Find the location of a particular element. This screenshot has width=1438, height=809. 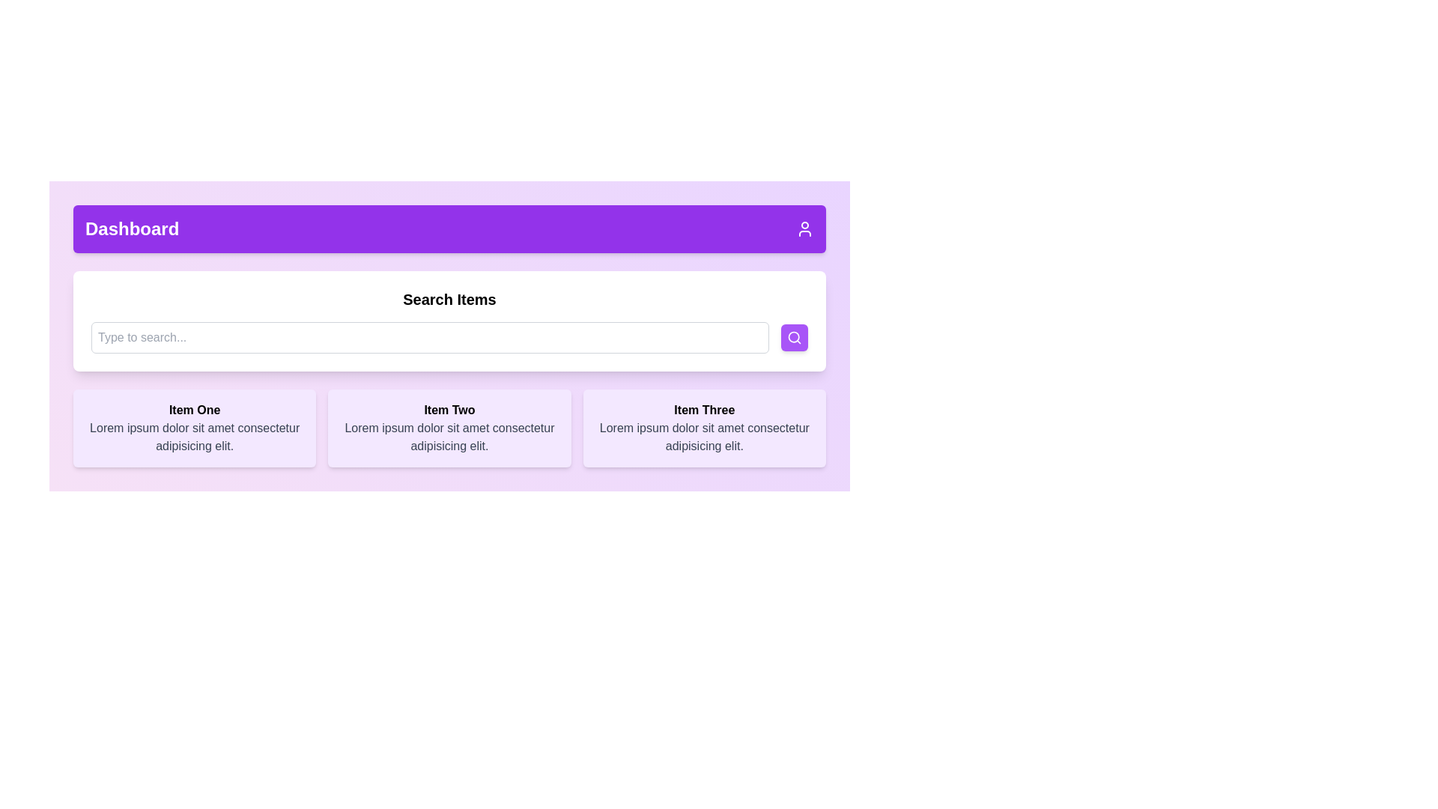

the purple button with rounded corners containing a magnifying glass icon, located to the right of the search input field is located at coordinates (793, 338).